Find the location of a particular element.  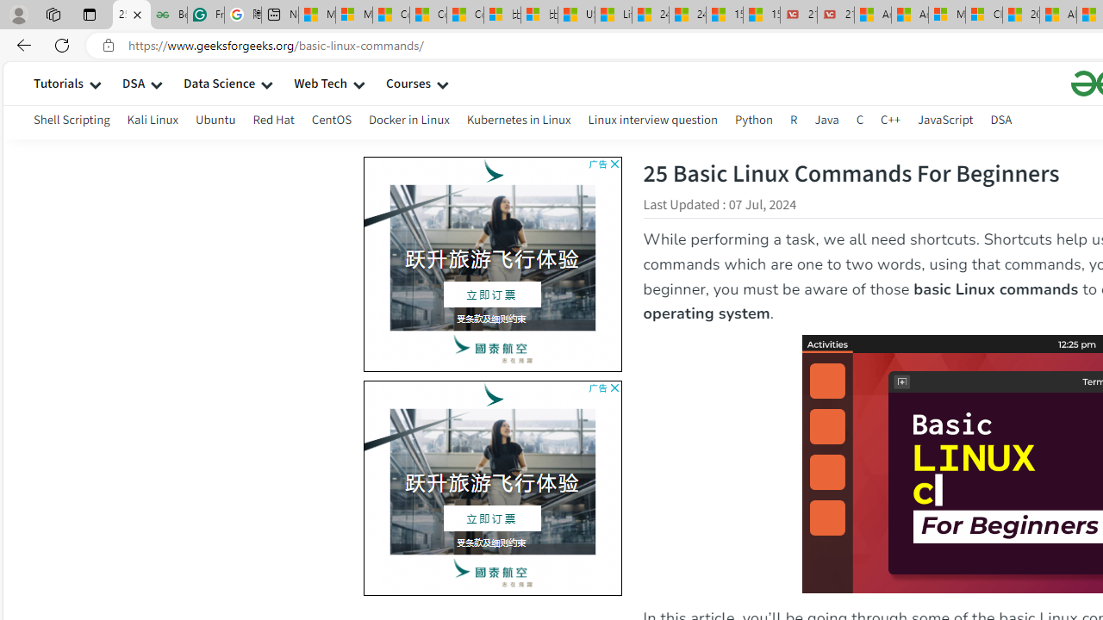

'Kali Linux' is located at coordinates (153, 121).